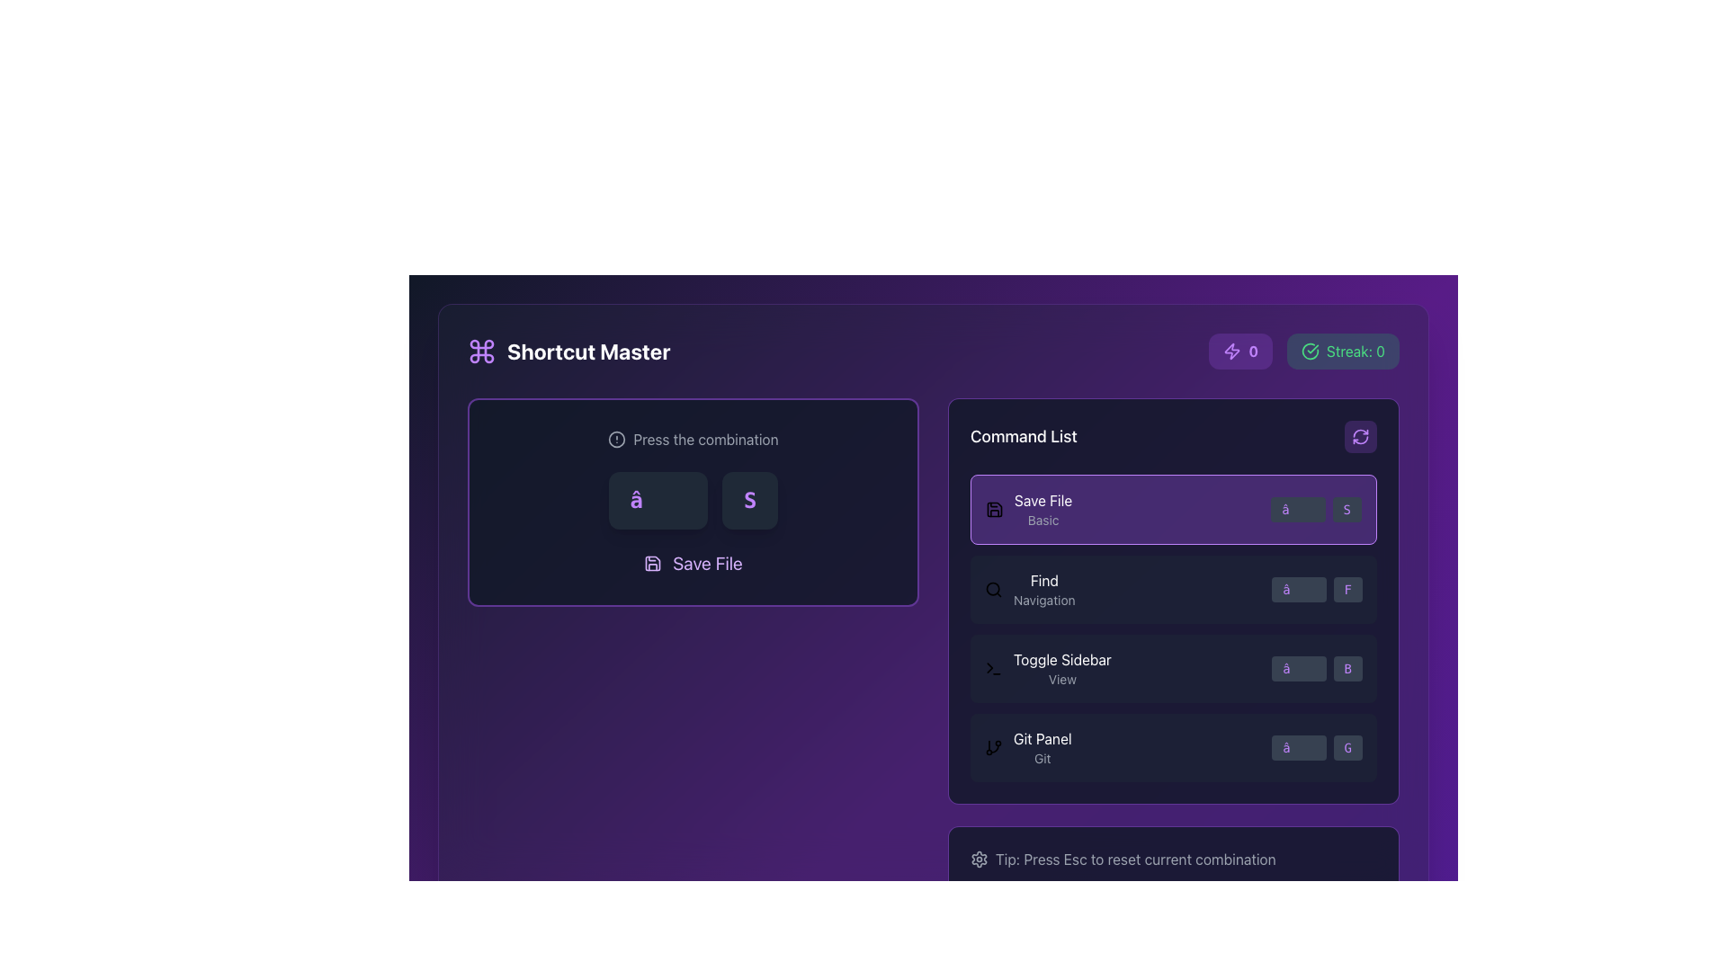 The image size is (1727, 971). Describe the element at coordinates (1062, 680) in the screenshot. I see `the descriptive text label located in the 'Command List' section, which provides additional context about the 'Toggle Sidebar' option` at that location.